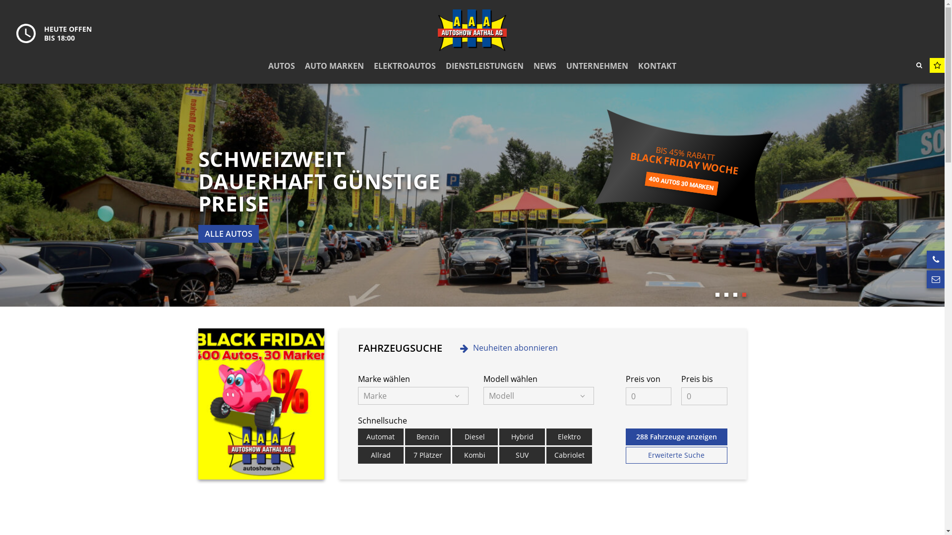  I want to click on 'DIENSTLEISTUNGEN', so click(484, 66).